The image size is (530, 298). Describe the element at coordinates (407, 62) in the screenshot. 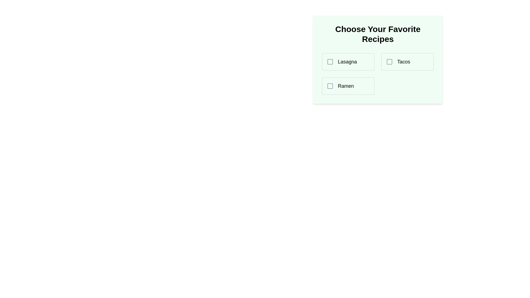

I see `the checkbox labeled 'Tacos' to receive additional interaction feedback` at that location.